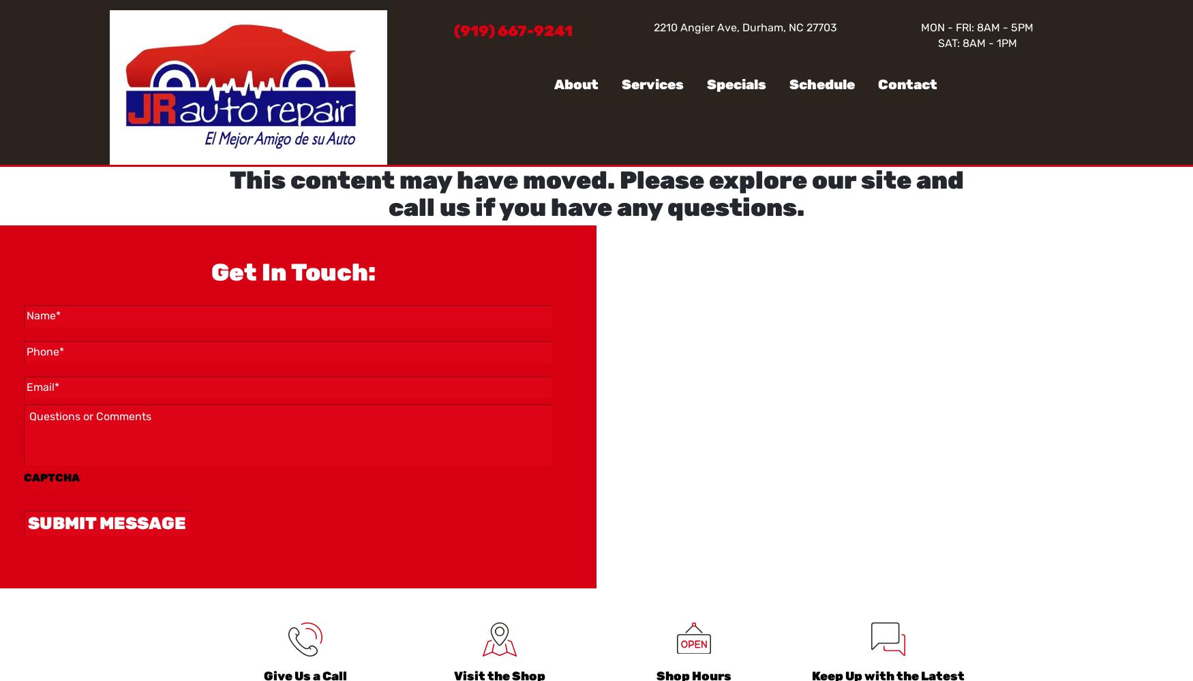 The image size is (1193, 681). What do you see at coordinates (51, 477) in the screenshot?
I see `'CAPTCHA'` at bounding box center [51, 477].